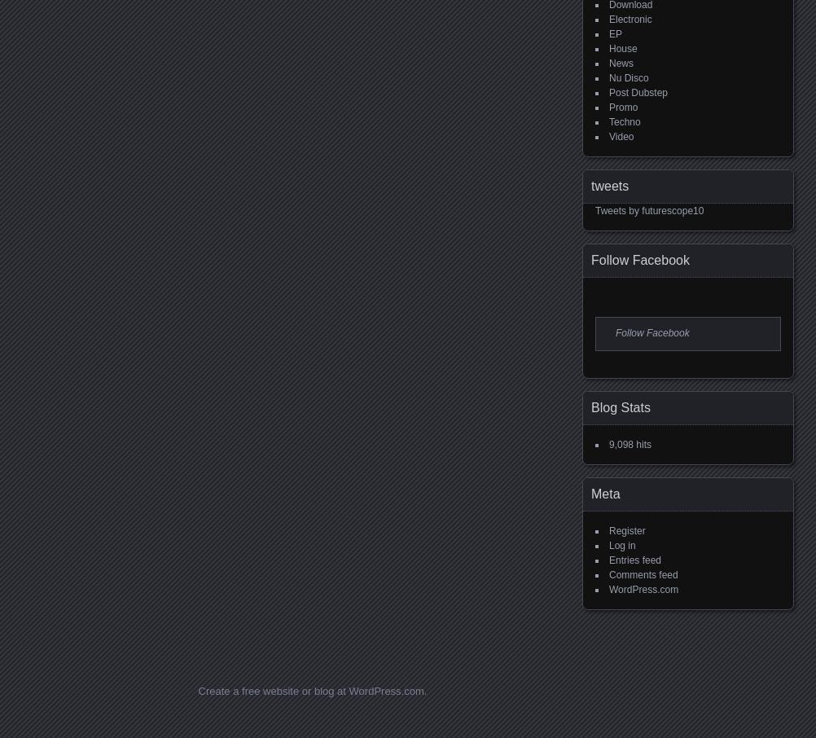 This screenshot has width=816, height=738. Describe the element at coordinates (615, 33) in the screenshot. I see `'EP'` at that location.